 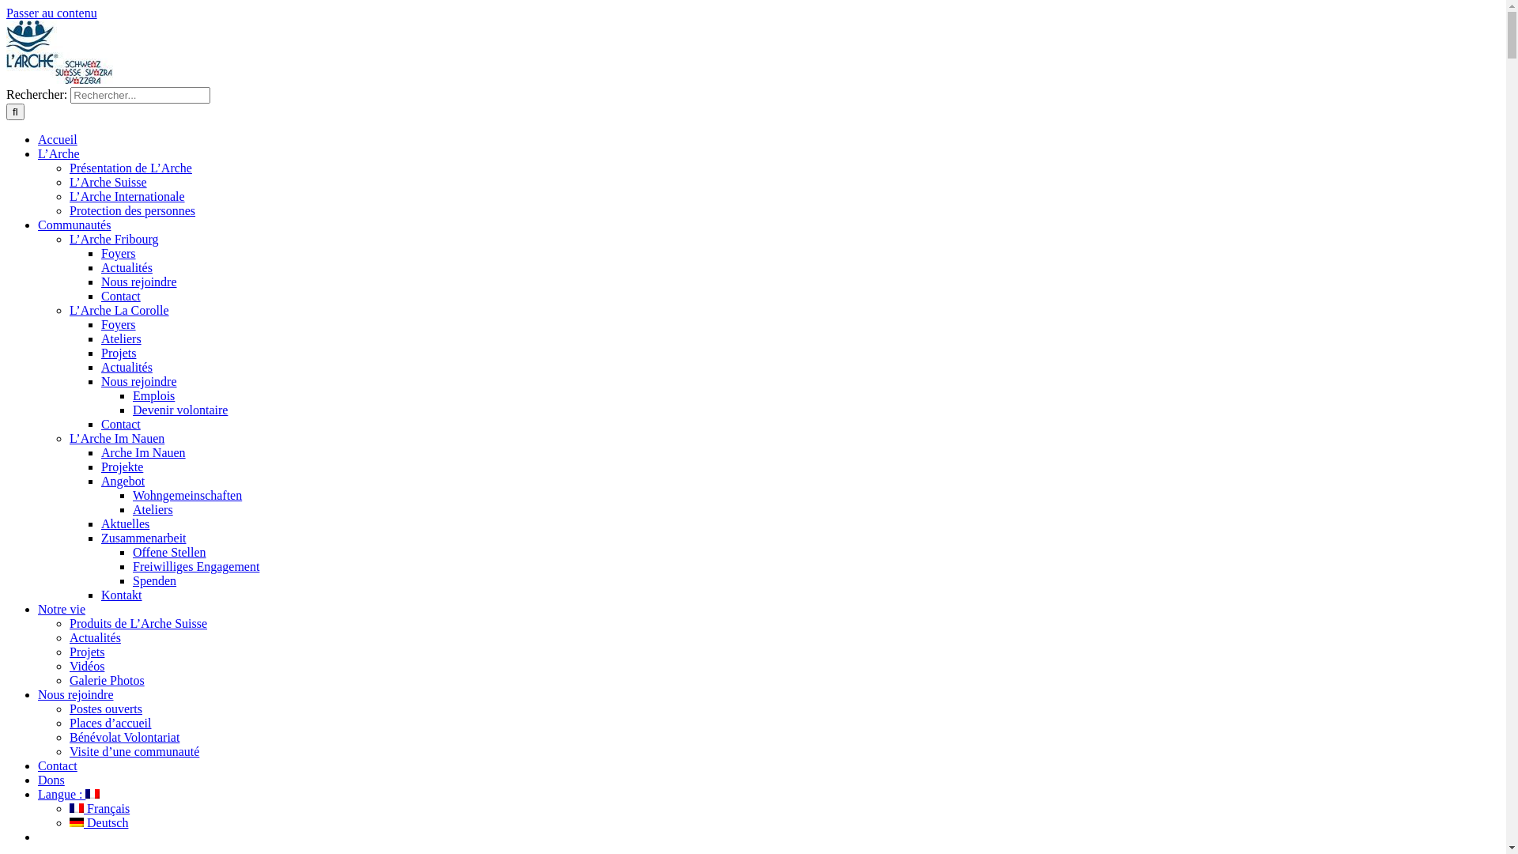 I want to click on 'Ateliers', so click(x=133, y=509).